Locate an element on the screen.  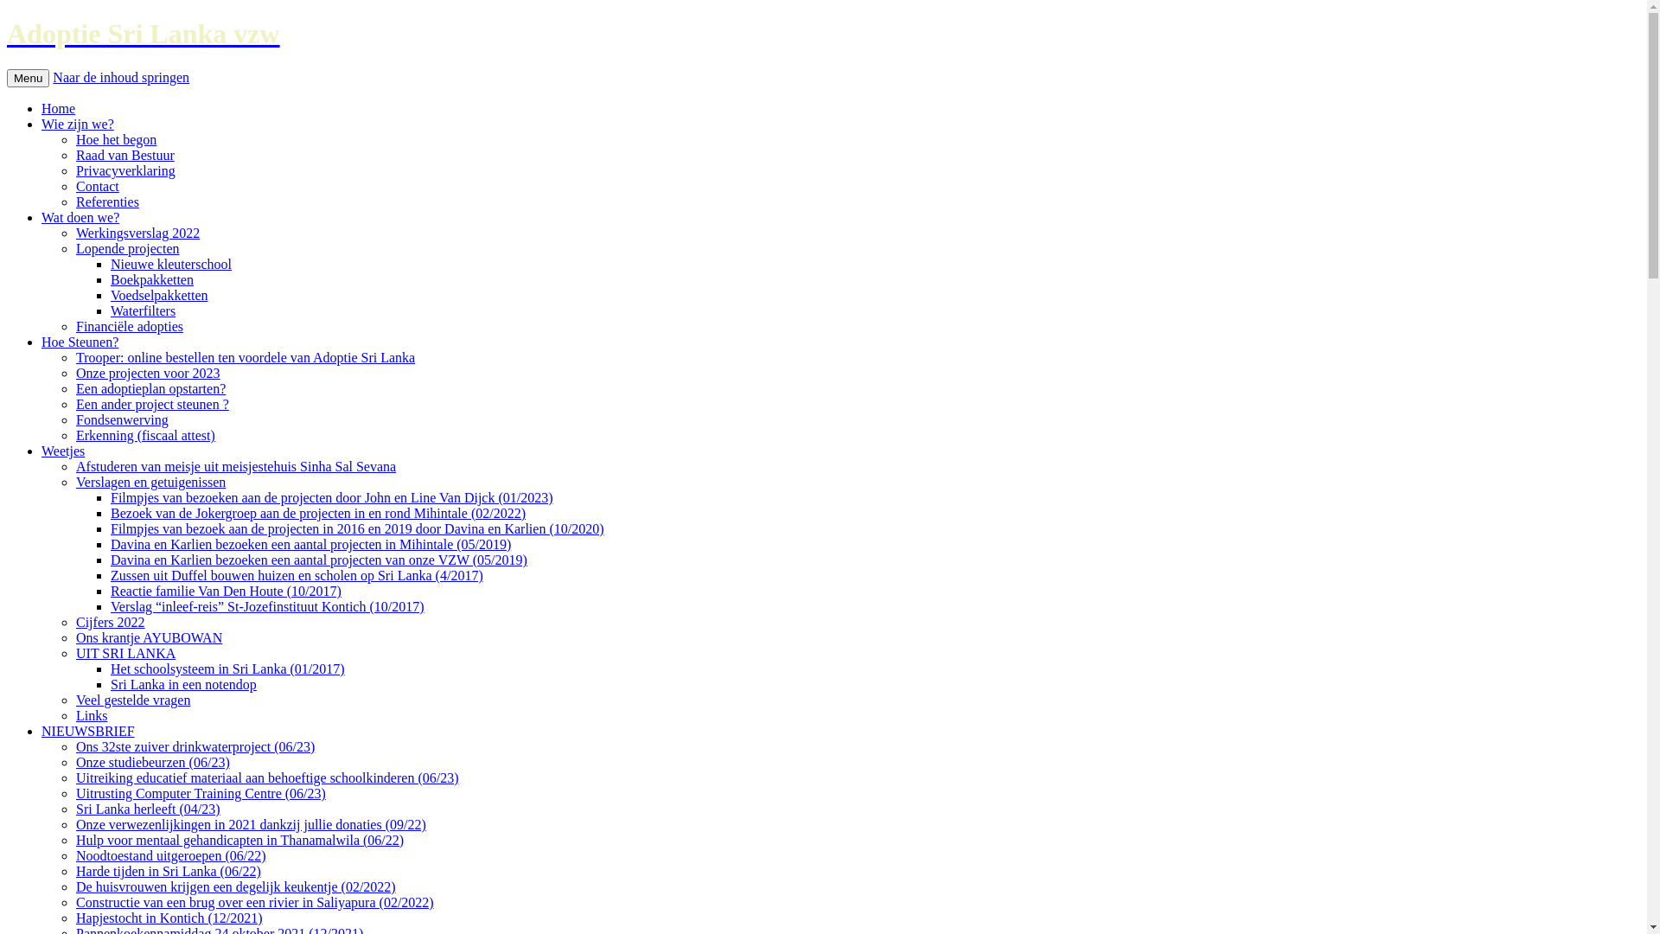
'UIT SRI LANKA' is located at coordinates (124, 653).